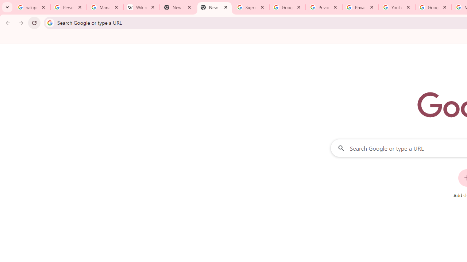 The width and height of the screenshot is (467, 262). Describe the element at coordinates (397, 7) in the screenshot. I see `'YouTube'` at that location.